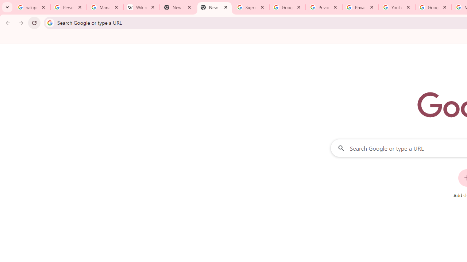 The width and height of the screenshot is (467, 262). Describe the element at coordinates (397, 7) in the screenshot. I see `'YouTube'` at that location.